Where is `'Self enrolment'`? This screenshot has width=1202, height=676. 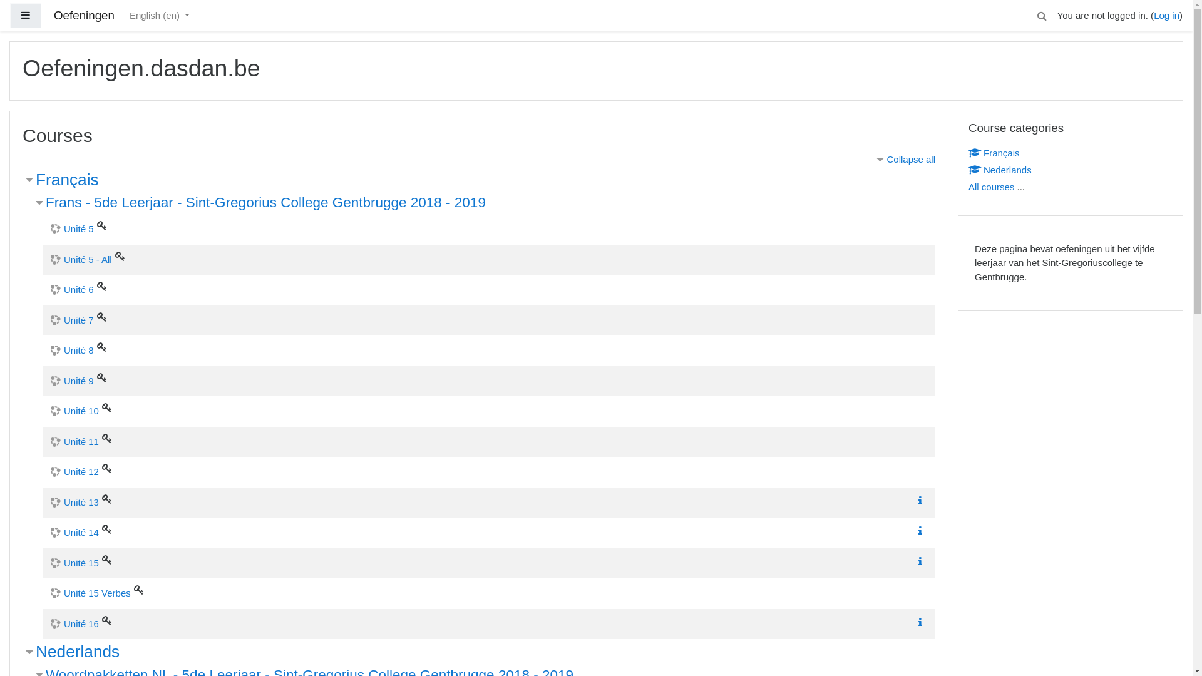 'Self enrolment' is located at coordinates (102, 285).